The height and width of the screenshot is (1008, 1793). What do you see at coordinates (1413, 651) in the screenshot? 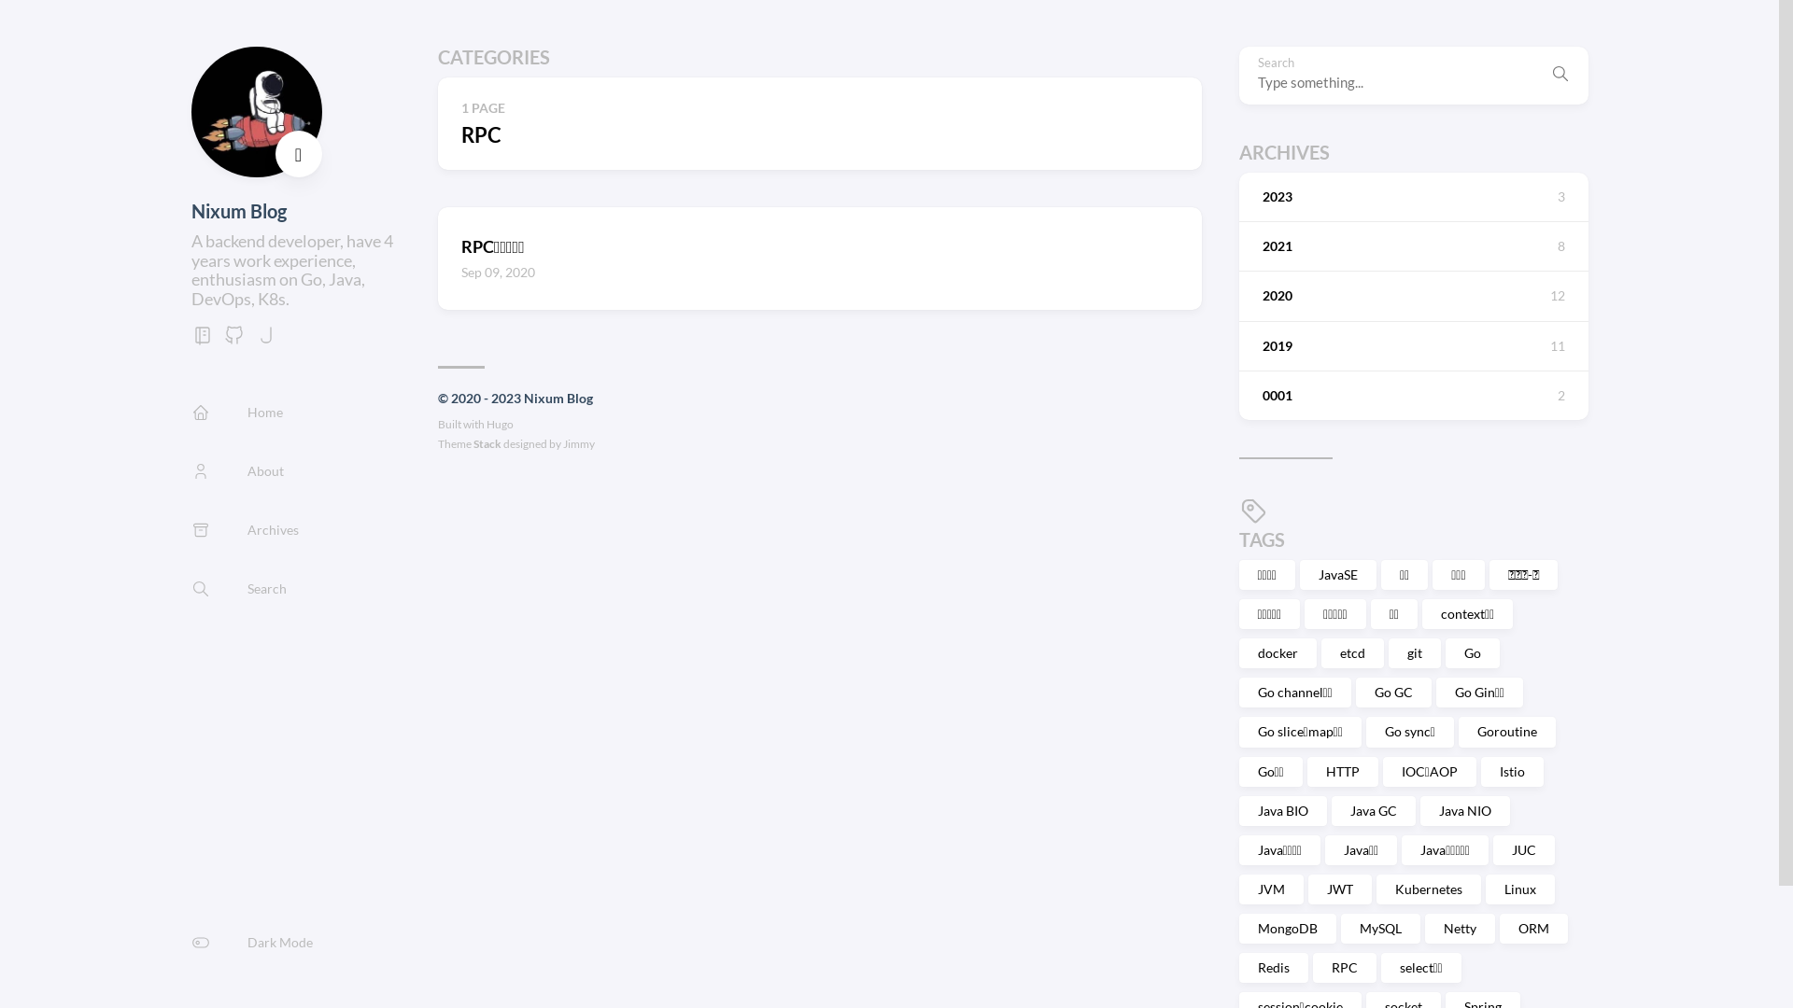
I see `'git'` at bounding box center [1413, 651].